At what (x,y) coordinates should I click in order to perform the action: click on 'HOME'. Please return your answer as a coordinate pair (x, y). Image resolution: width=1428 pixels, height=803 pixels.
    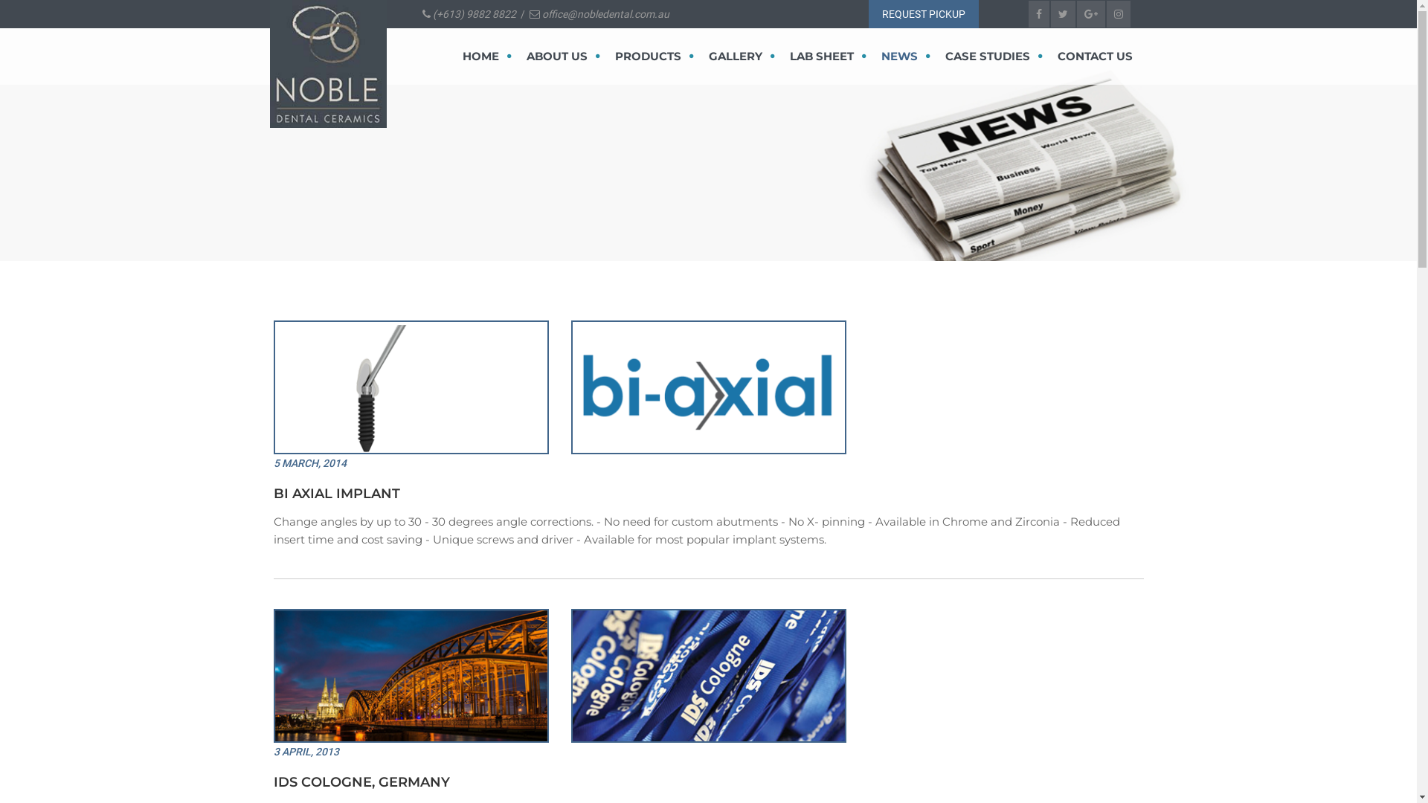
    Looking at the image, I should click on (454, 56).